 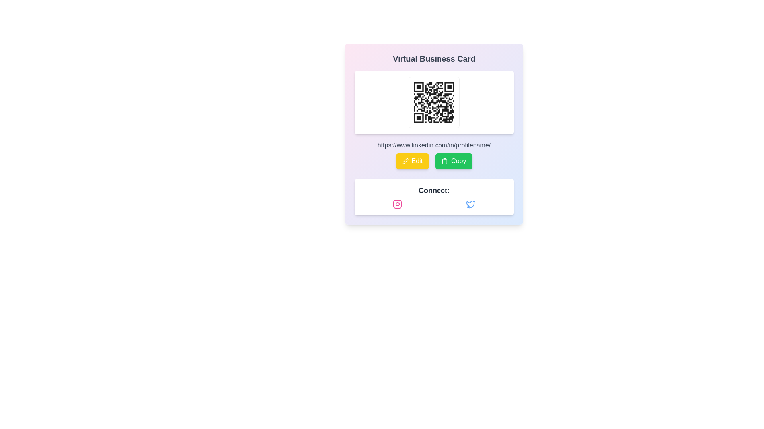 What do you see at coordinates (397, 203) in the screenshot?
I see `the pink square with rounded corners that represents the main outer square of the Instagram icon located in the 'Connect:' section of the interface` at bounding box center [397, 203].